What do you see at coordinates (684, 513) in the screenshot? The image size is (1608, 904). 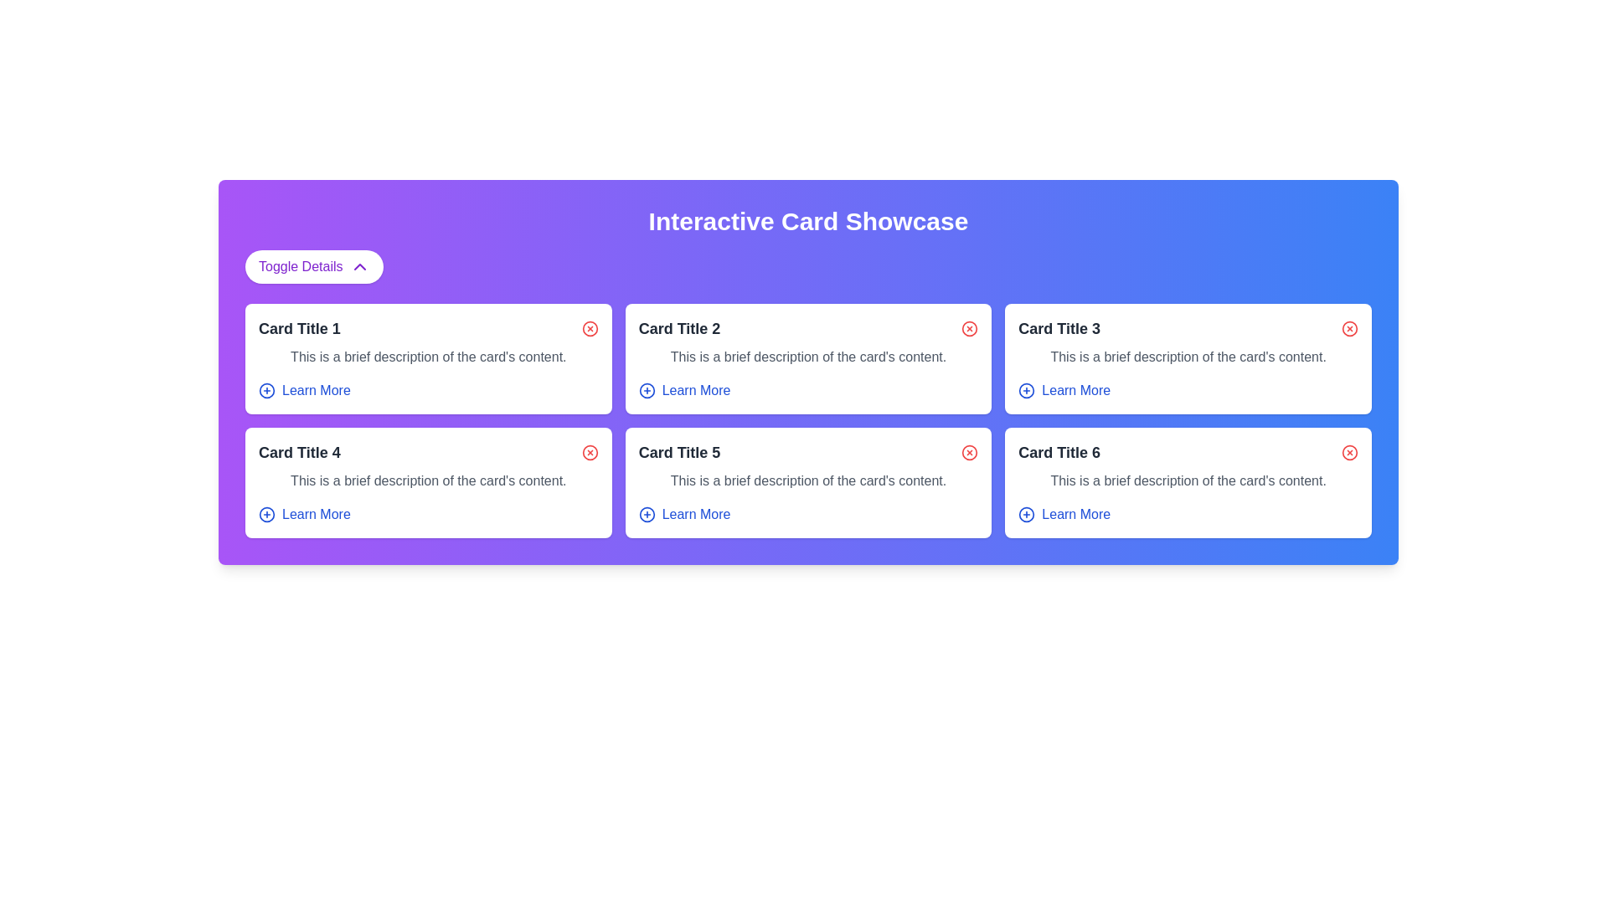 I see `the 'Learn More' link with a plus icon located at the bottom-right corner of 'Card Title 5'` at bounding box center [684, 513].